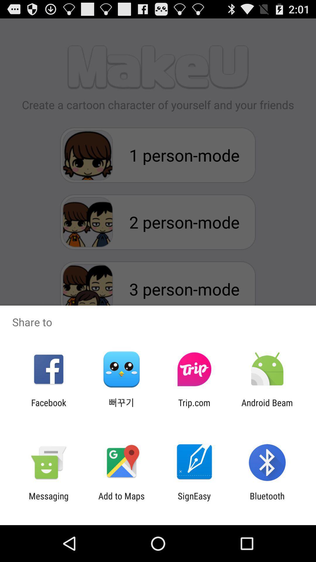  I want to click on add to maps, so click(121, 501).